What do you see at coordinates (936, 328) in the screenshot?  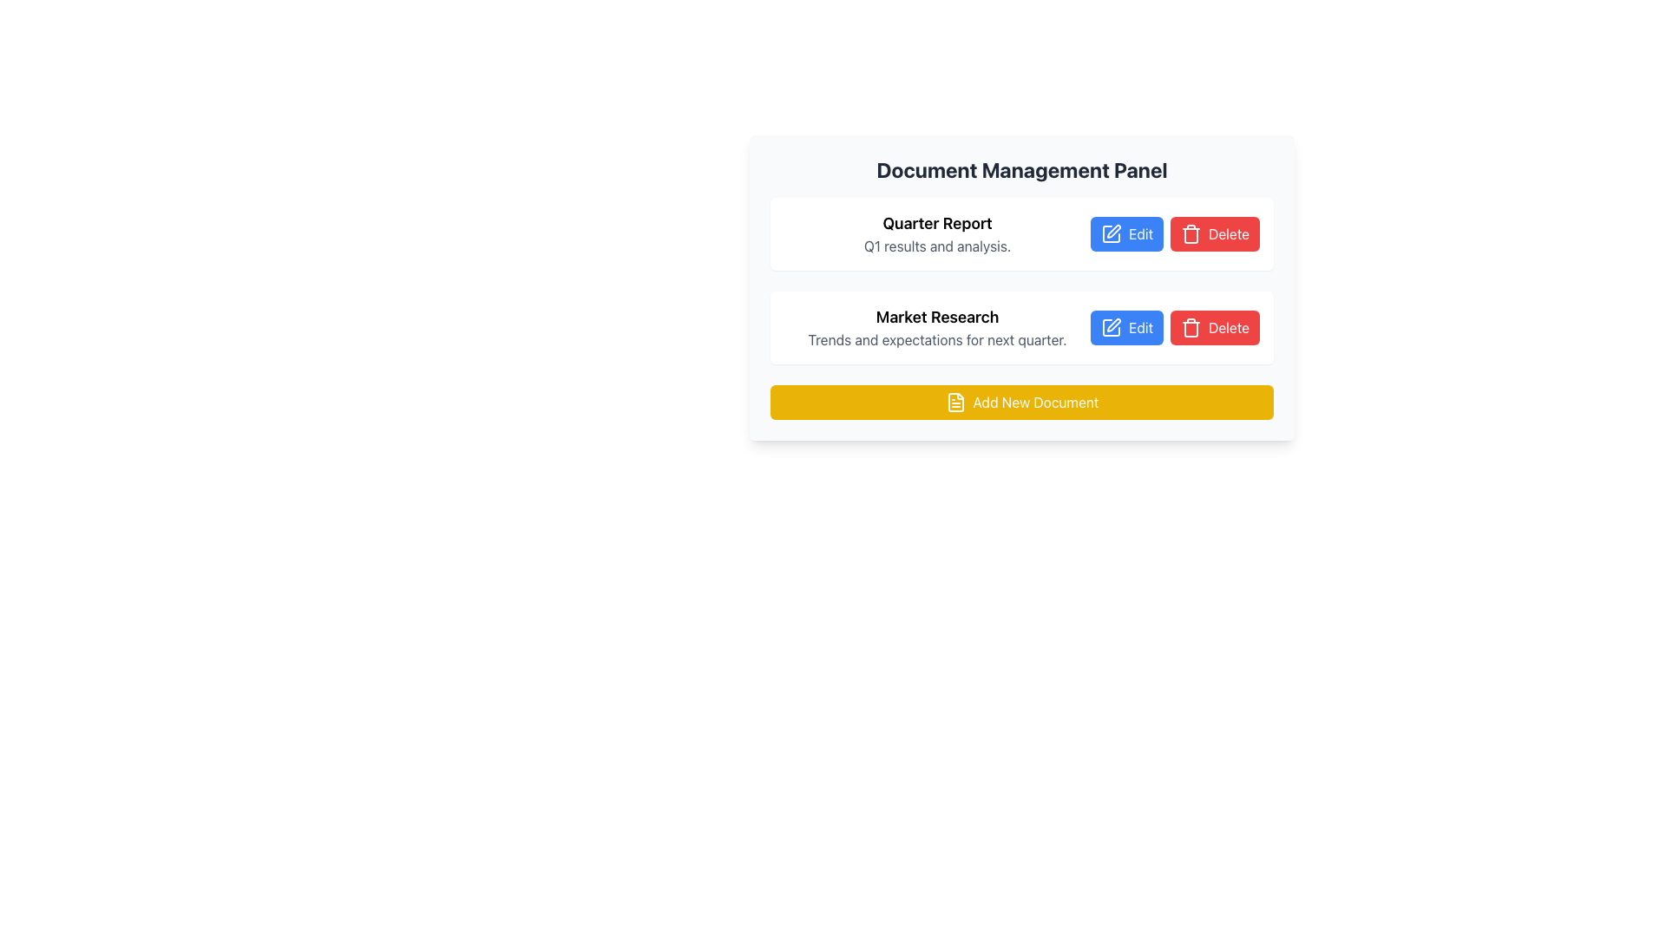 I see `the header text block labeled 'Market Research' located within the Document Management Panel` at bounding box center [936, 328].